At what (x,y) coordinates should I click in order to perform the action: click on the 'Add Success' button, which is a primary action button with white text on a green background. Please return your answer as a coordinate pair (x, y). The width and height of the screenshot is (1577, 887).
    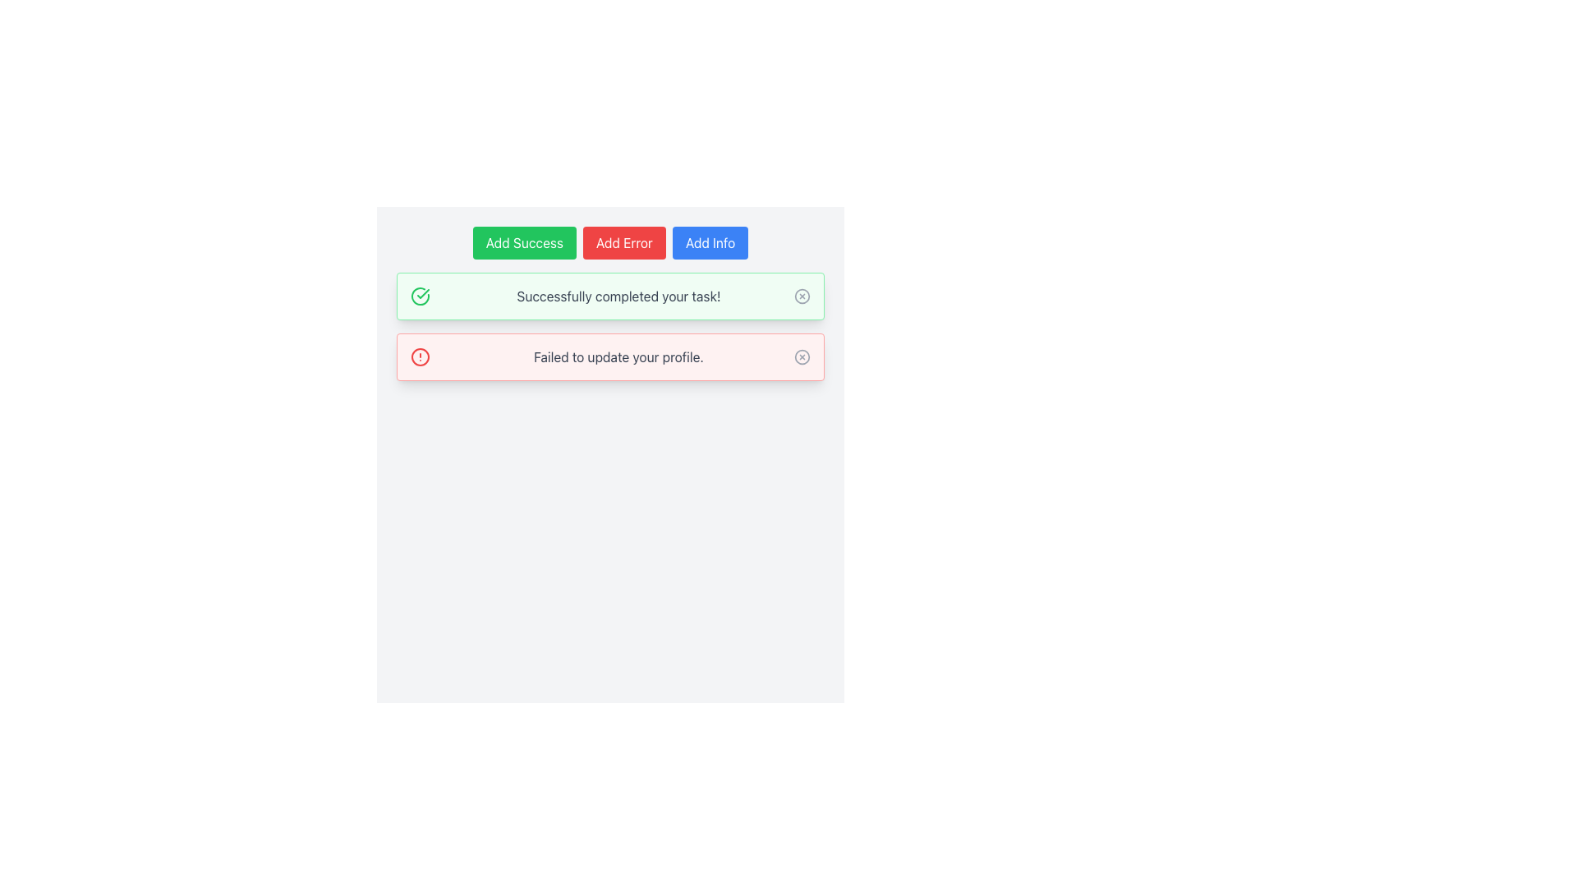
    Looking at the image, I should click on (523, 243).